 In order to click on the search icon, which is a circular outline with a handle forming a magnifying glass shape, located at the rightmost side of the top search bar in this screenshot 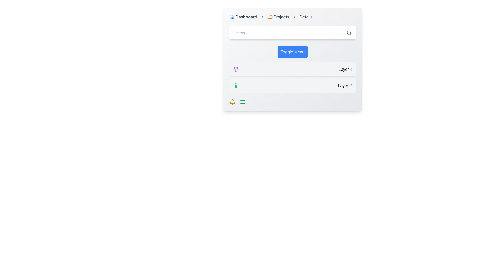, I will do `click(349, 33)`.